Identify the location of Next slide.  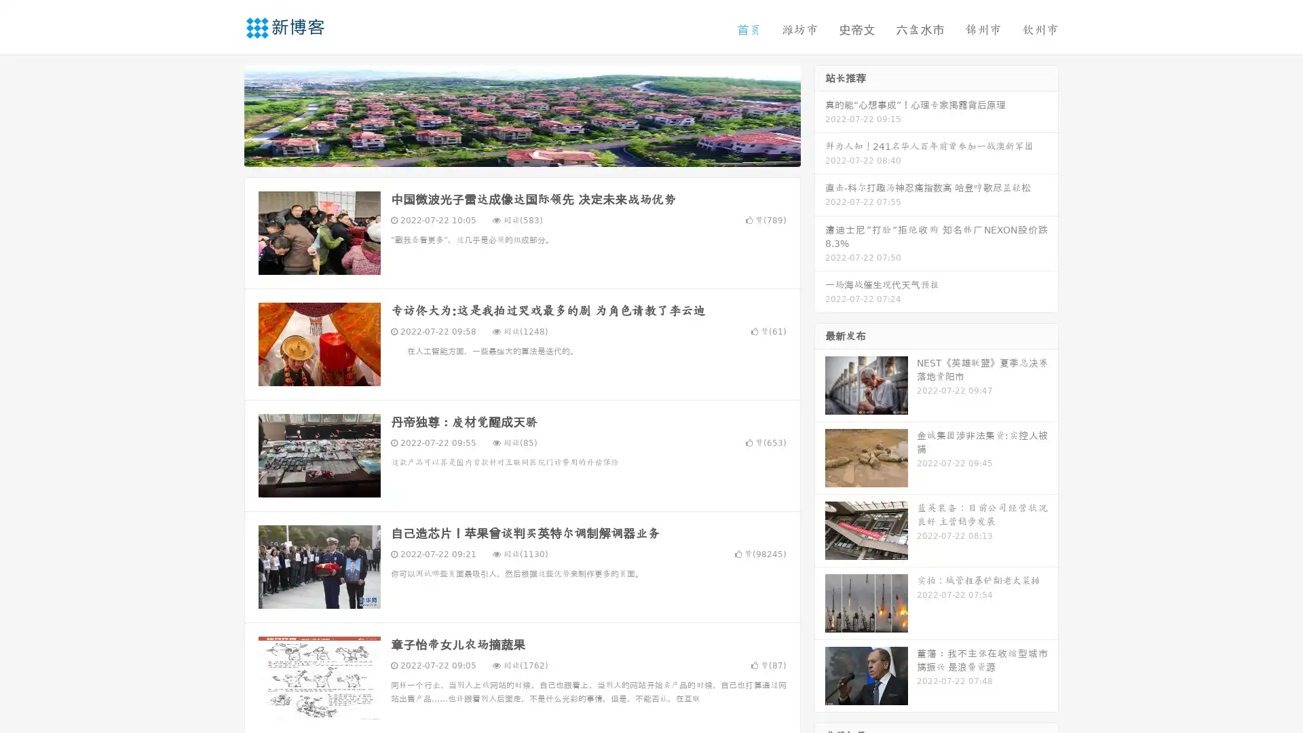
(820, 114).